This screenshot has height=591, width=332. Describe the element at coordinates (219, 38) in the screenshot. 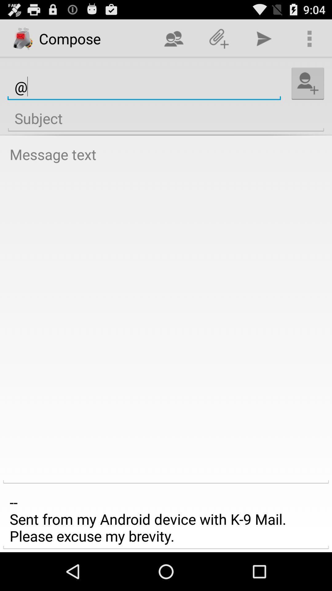

I see `the icon above @` at that location.